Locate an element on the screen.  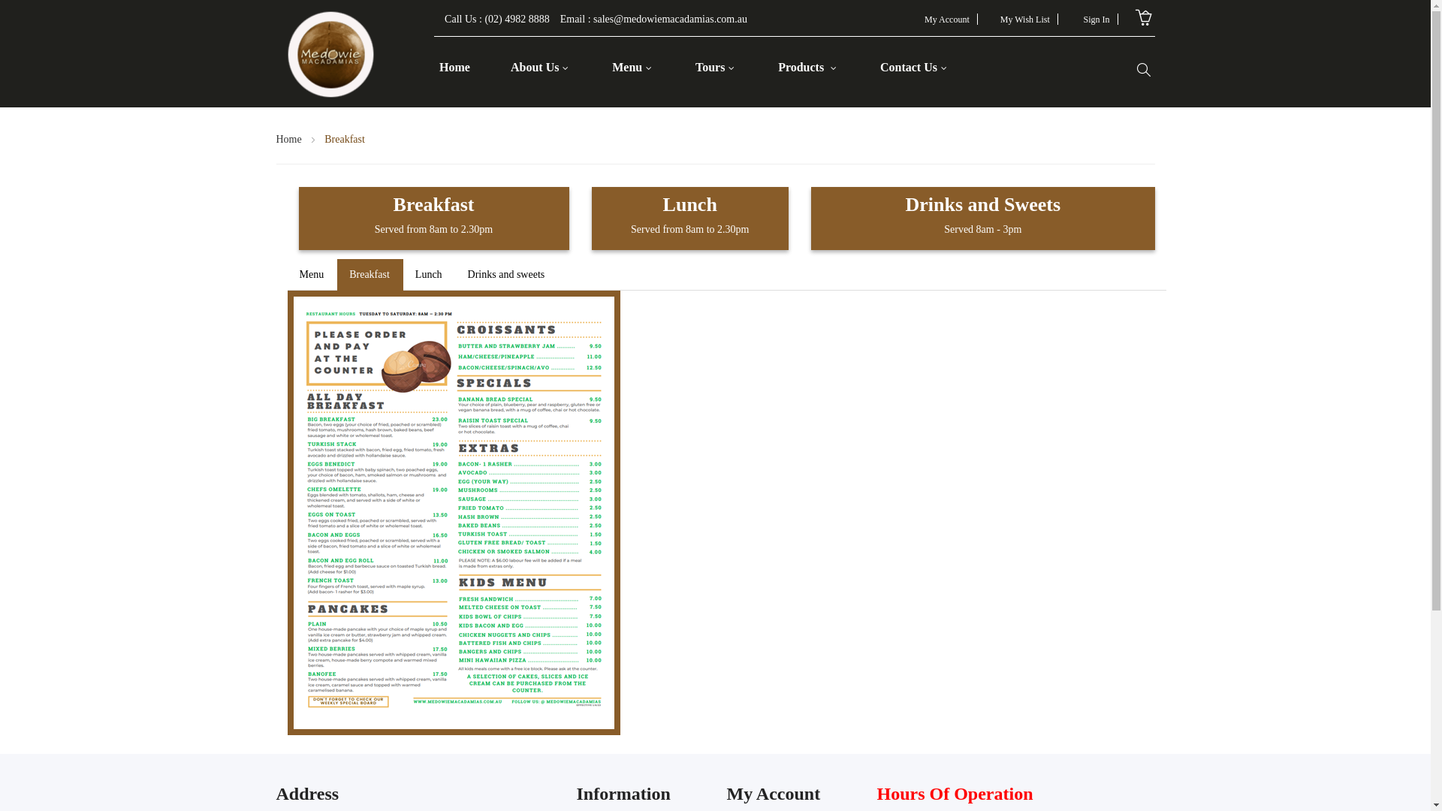
'Lunch' is located at coordinates (428, 275).